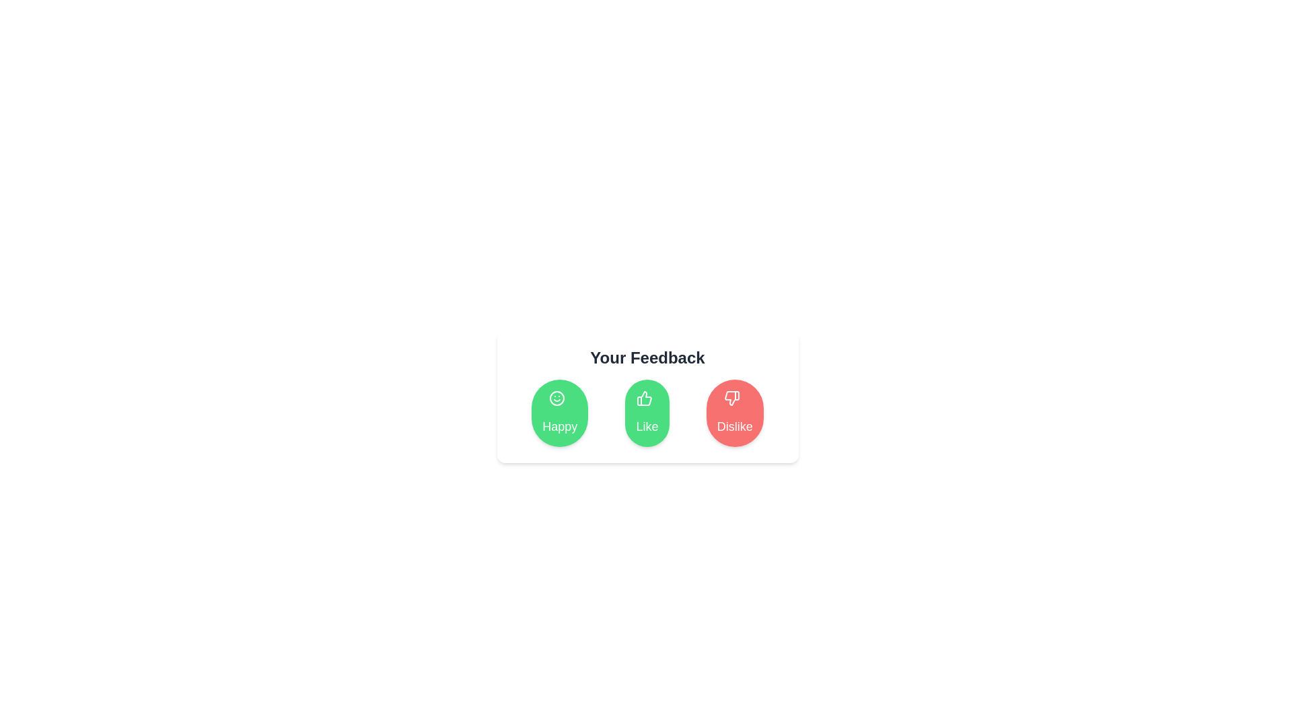 Image resolution: width=1292 pixels, height=727 pixels. Describe the element at coordinates (647, 412) in the screenshot. I see `the 'Like' button in the feedback component` at that location.